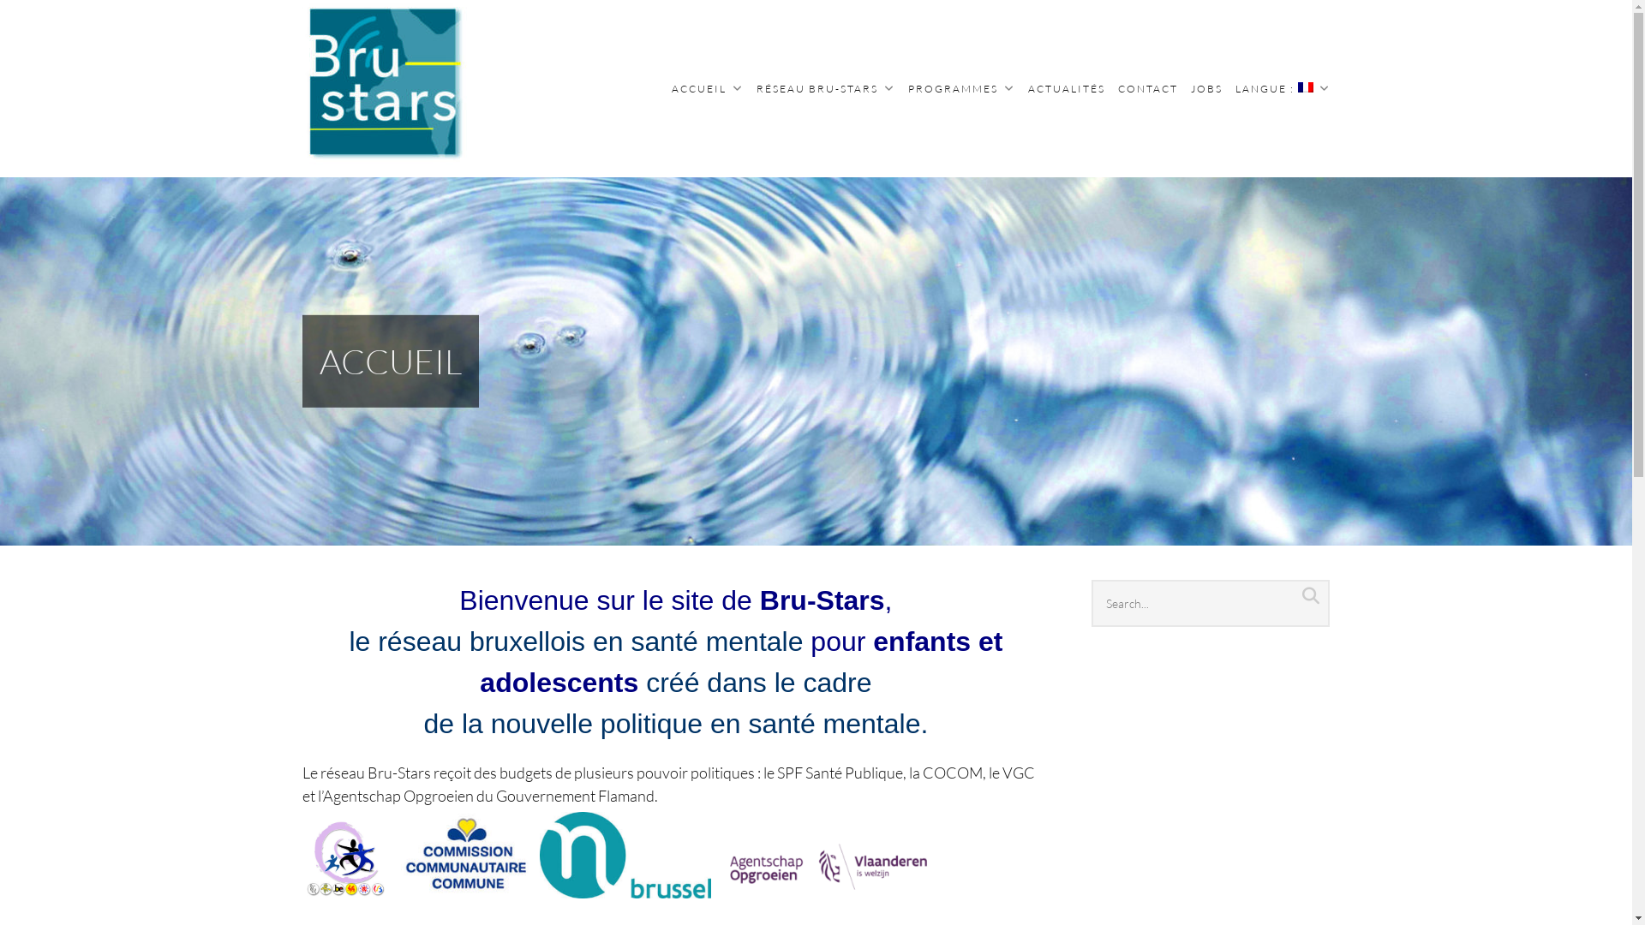 The image size is (1645, 925). Describe the element at coordinates (961, 88) in the screenshot. I see `'PROGRAMMES'` at that location.